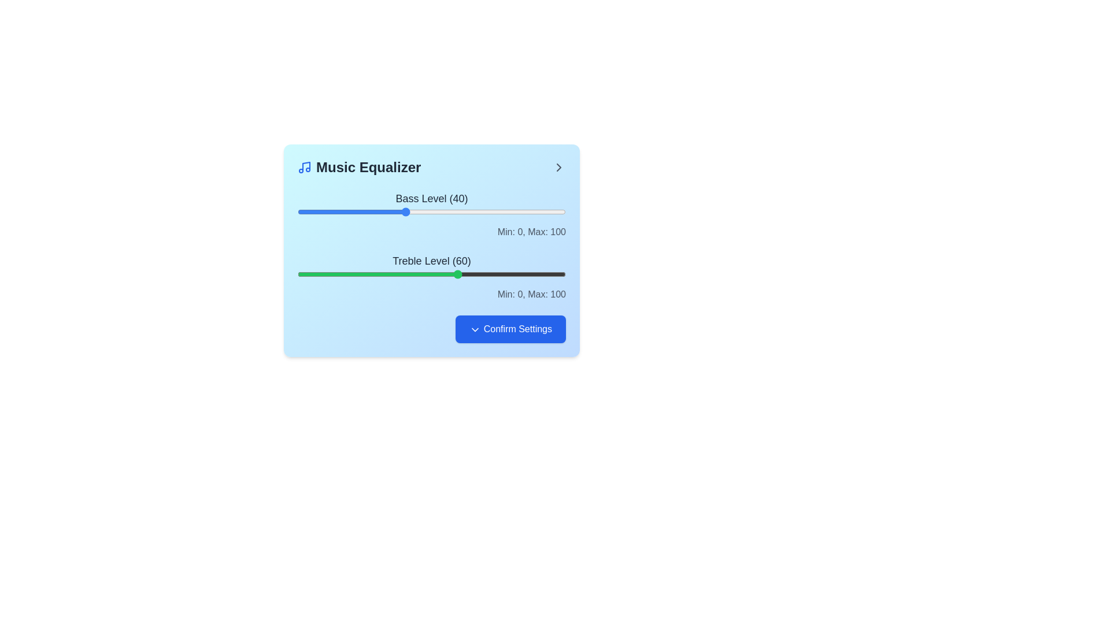 This screenshot has width=1110, height=624. I want to click on the chevron-right icon, which is located in the upper right corner of the music equalizer settings section, so click(558, 167).